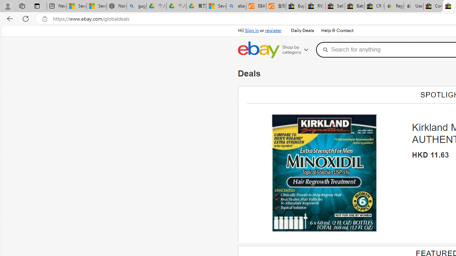 This screenshot has width=456, height=256. What do you see at coordinates (413, 6) in the screenshot?
I see `'User Privacy Notice | eBay'` at bounding box center [413, 6].